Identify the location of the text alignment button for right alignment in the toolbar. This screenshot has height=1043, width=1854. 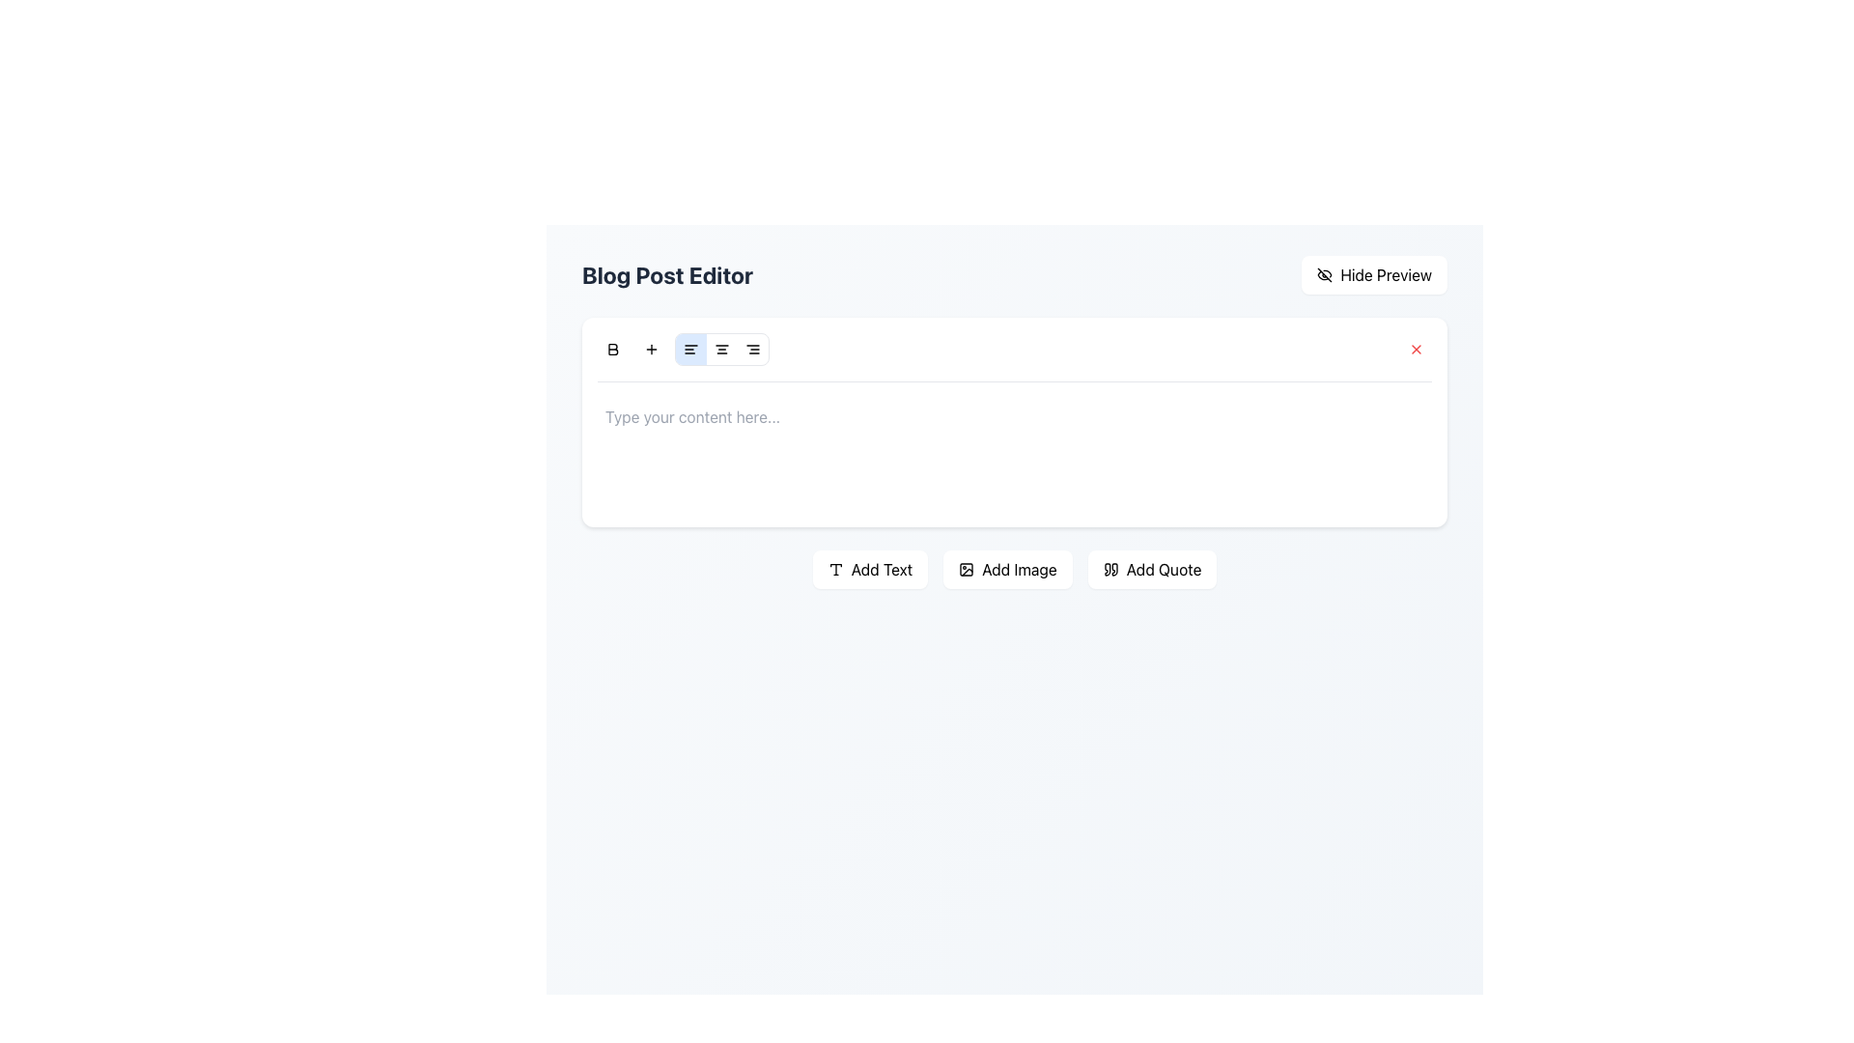
(751, 350).